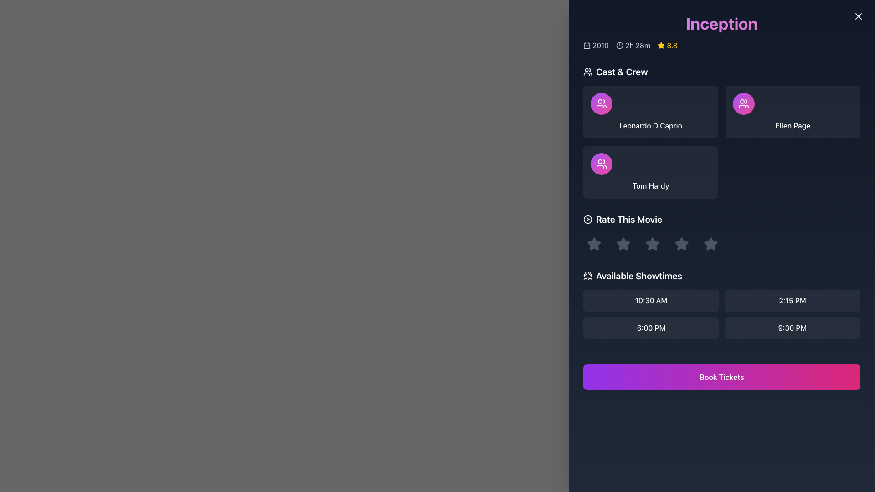  Describe the element at coordinates (588, 275) in the screenshot. I see `the stylized theater icon located at the start of the header for the 'Available Showtimes' section, adjacent to the title text, if it is interactive` at that location.